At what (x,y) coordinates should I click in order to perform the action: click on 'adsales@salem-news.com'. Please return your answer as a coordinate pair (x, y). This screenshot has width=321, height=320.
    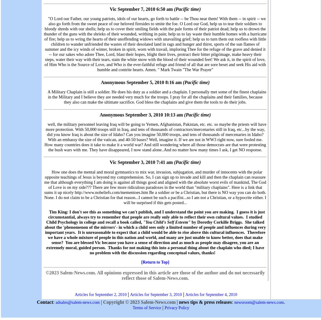
    Looking at the image, I should click on (55, 302).